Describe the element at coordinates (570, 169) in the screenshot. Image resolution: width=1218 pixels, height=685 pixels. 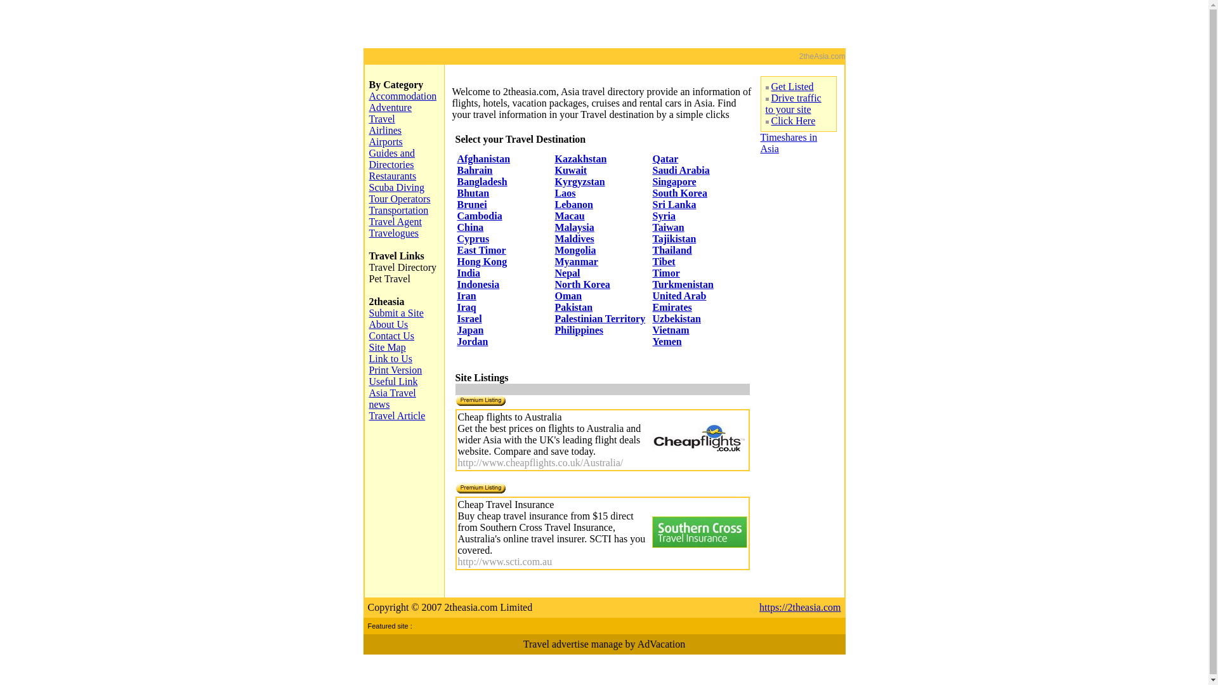
I see `'Kuwait'` at that location.